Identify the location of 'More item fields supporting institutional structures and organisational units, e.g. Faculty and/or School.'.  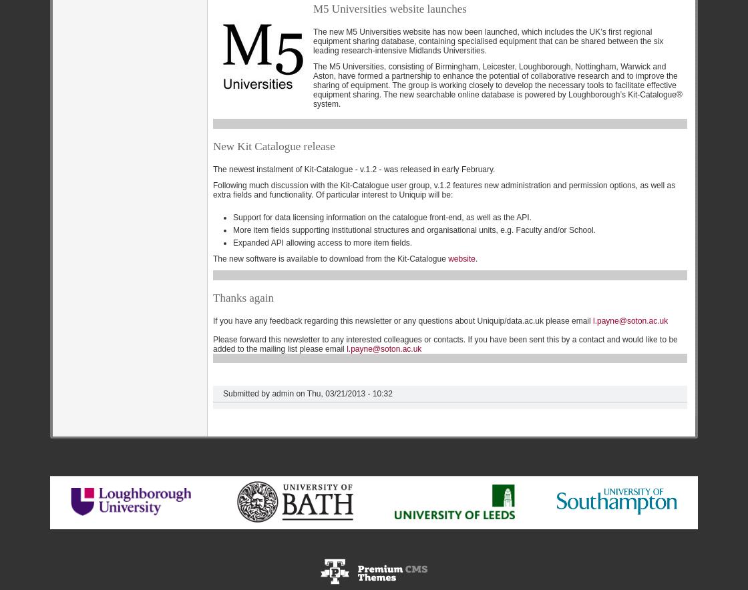
(232, 228).